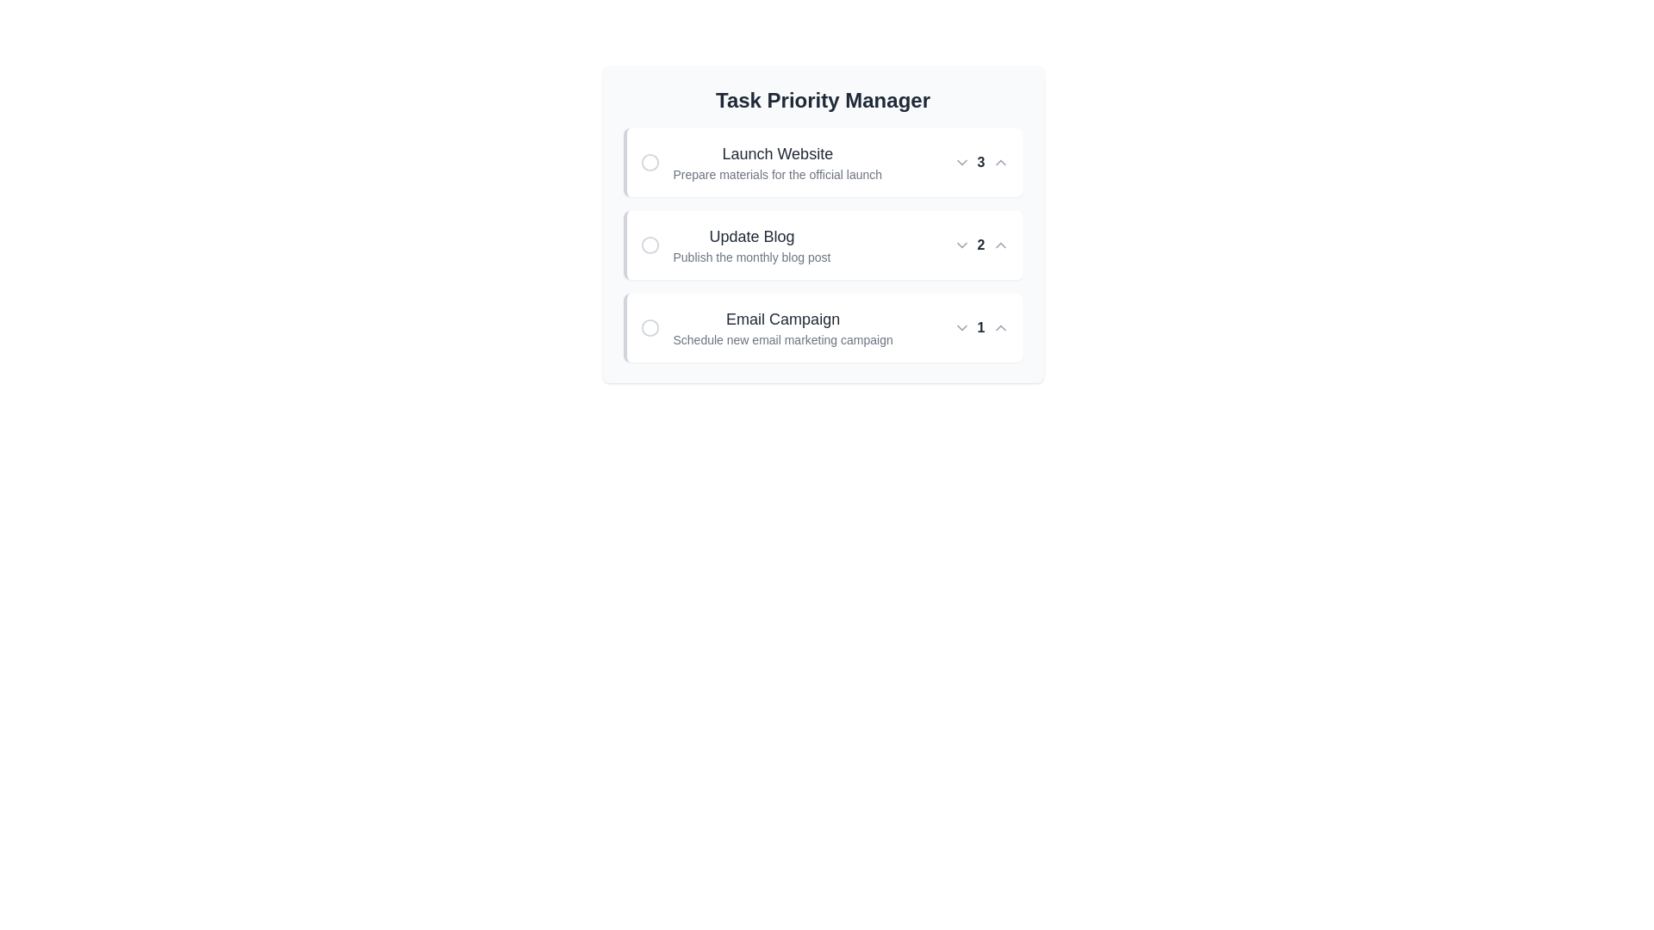 This screenshot has width=1654, height=930. I want to click on the circular checkbox located in the center of the second task item box titled 'Update Blog', so click(649, 245).